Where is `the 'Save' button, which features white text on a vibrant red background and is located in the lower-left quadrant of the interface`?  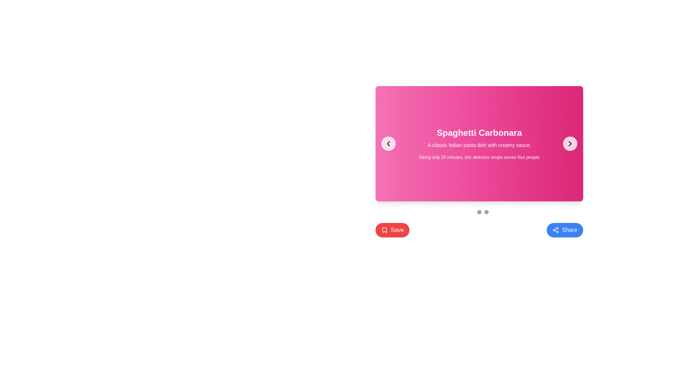
the 'Save' button, which features white text on a vibrant red background and is located in the lower-left quadrant of the interface is located at coordinates (397, 230).